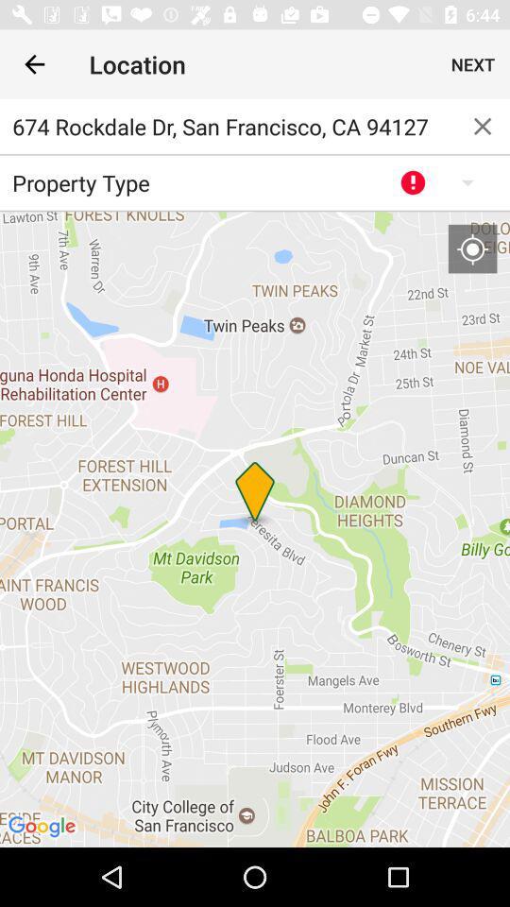  I want to click on search, so click(483, 125).